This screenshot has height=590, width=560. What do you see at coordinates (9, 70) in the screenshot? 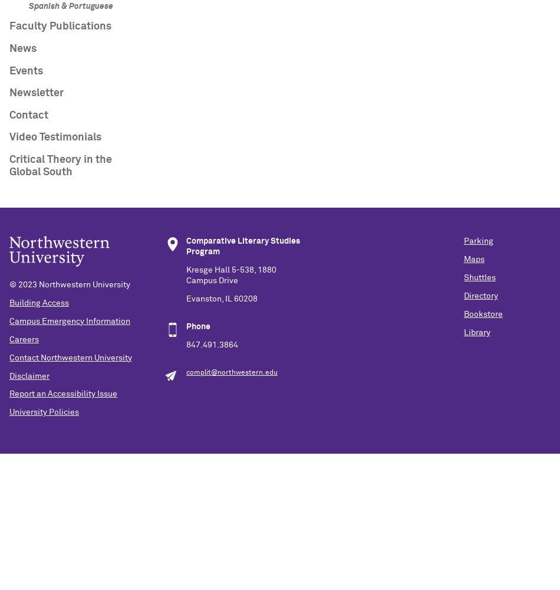
I see `'Events'` at bounding box center [9, 70].